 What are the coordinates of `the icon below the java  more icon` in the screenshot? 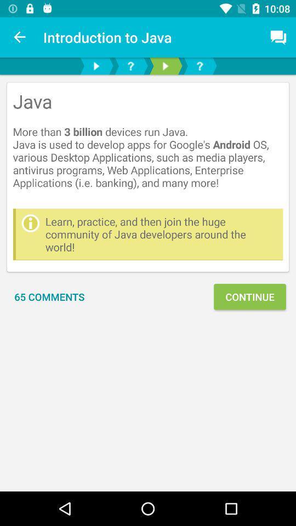 It's located at (161, 234).